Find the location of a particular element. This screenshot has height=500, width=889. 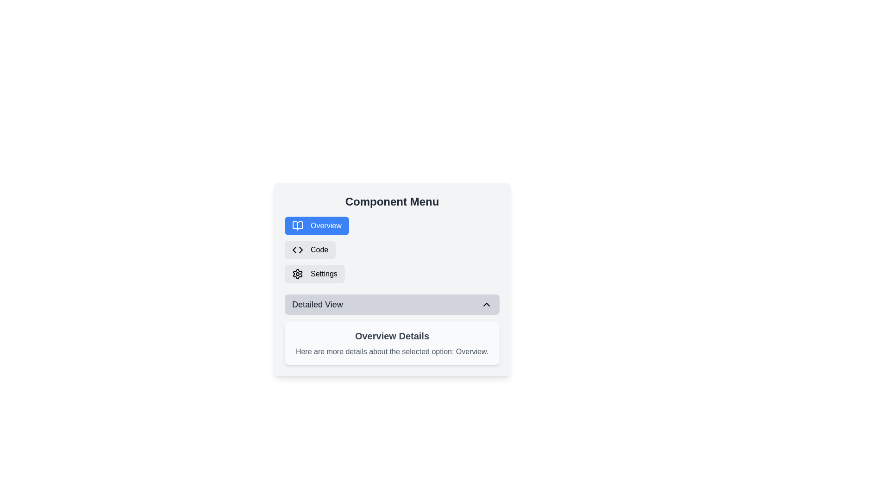

the settings icon, which is a gear-shaped icon with a black outline and filled center, located to the left of the 'Settings' label in the button is located at coordinates (298, 273).